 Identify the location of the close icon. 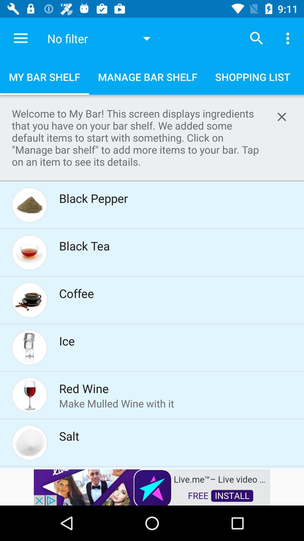
(282, 116).